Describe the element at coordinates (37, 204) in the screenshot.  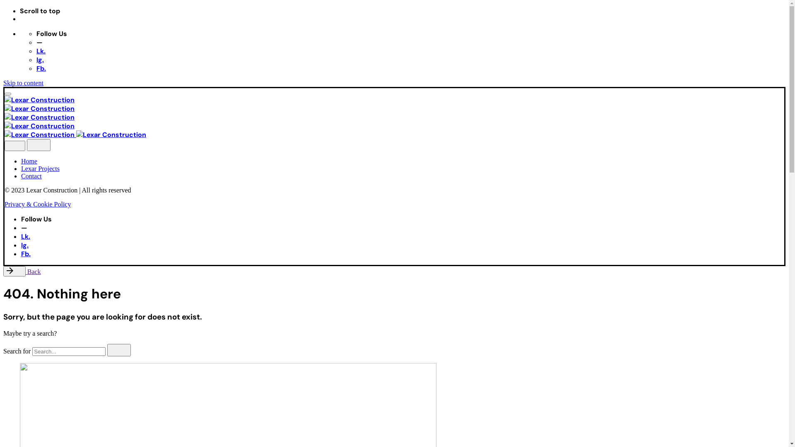
I see `'Privacy & Cookie Policy'` at that location.